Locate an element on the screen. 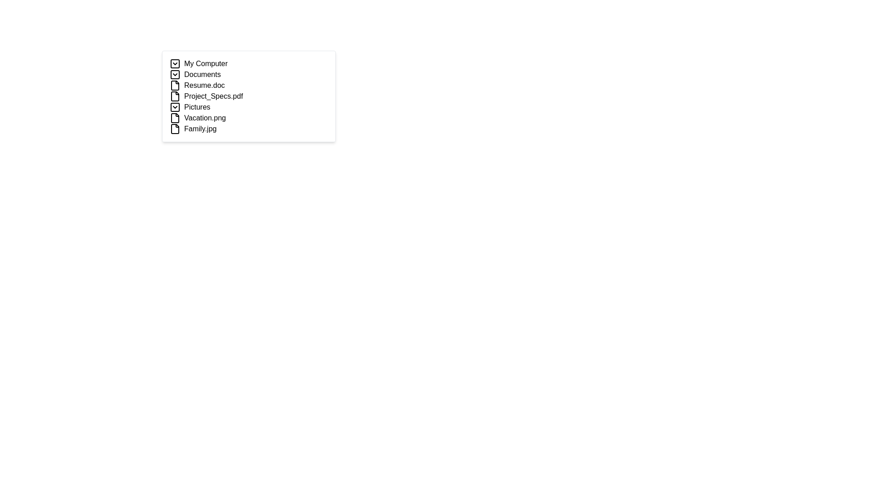 The width and height of the screenshot is (869, 489). the icon representing the file 'Project_Specs.pdf' is located at coordinates (175, 96).